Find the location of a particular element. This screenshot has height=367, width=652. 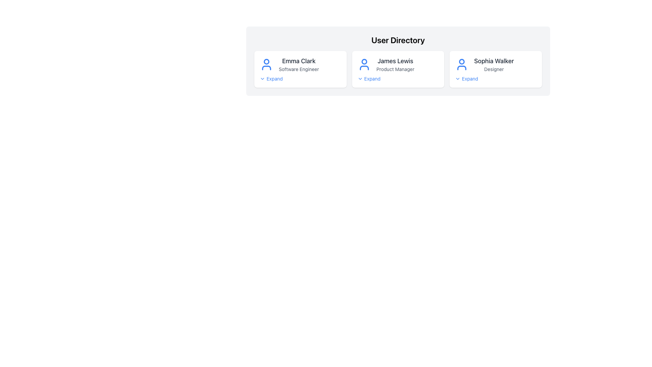

the SVG Circle Element that represents James Lewis's profile icon in the user directory, located in the second column of the layout is located at coordinates (364, 62).